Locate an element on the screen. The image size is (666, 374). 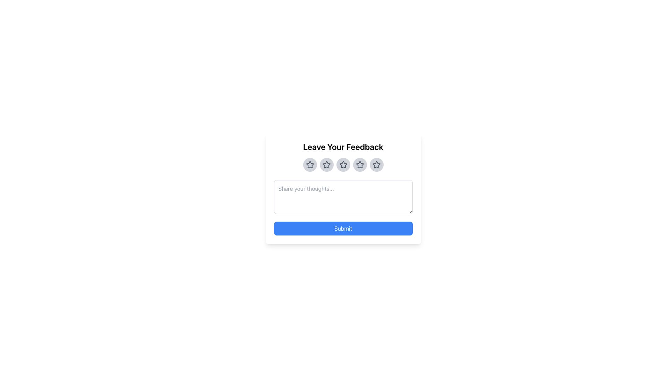
on the filled star-shaped rating icon, which is the second icon in a row of five stars is located at coordinates (326, 164).